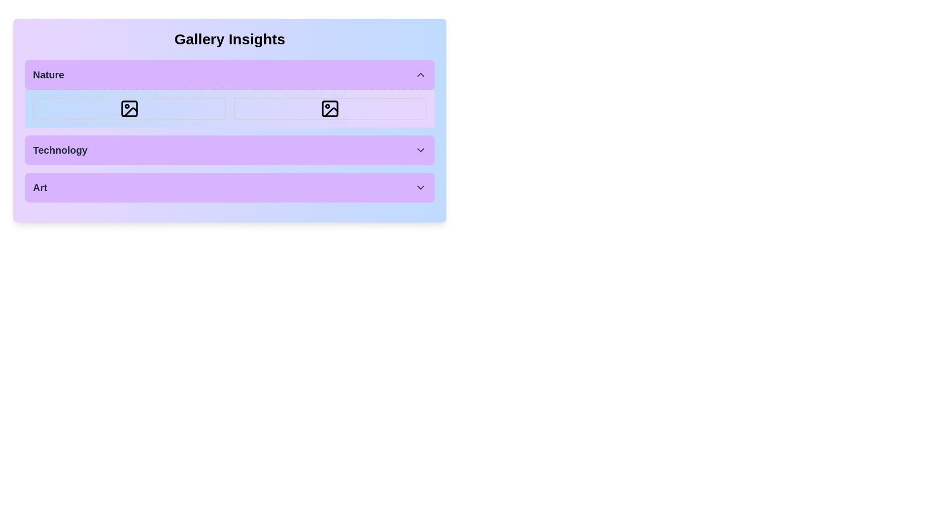 The image size is (946, 532). Describe the element at coordinates (421, 188) in the screenshot. I see `the chevron icon button located at the rightmost side of the row containing the text 'Art', which is styled as a purple, rounded rectangle` at that location.